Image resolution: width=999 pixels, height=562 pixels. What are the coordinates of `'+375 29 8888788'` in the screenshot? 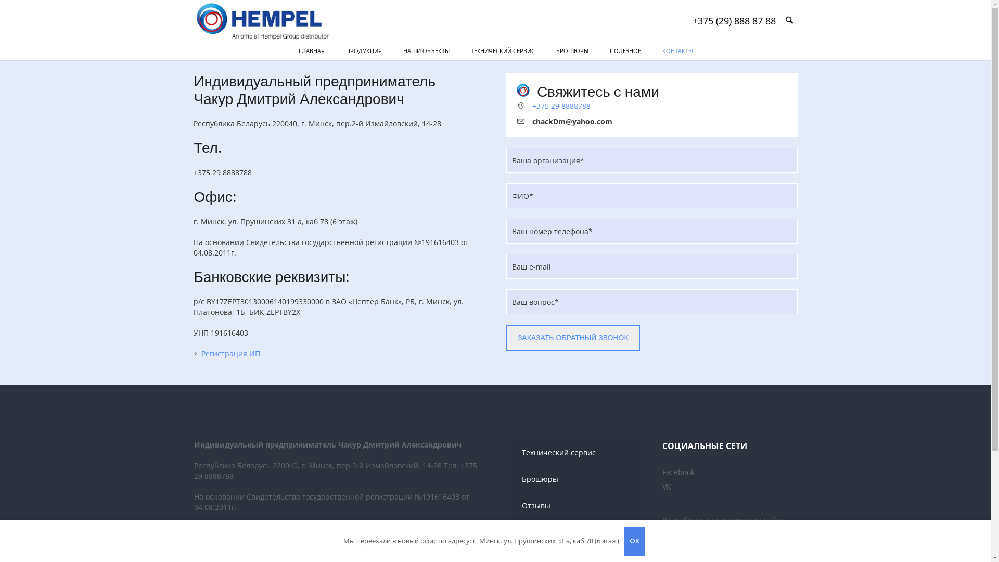 It's located at (561, 106).